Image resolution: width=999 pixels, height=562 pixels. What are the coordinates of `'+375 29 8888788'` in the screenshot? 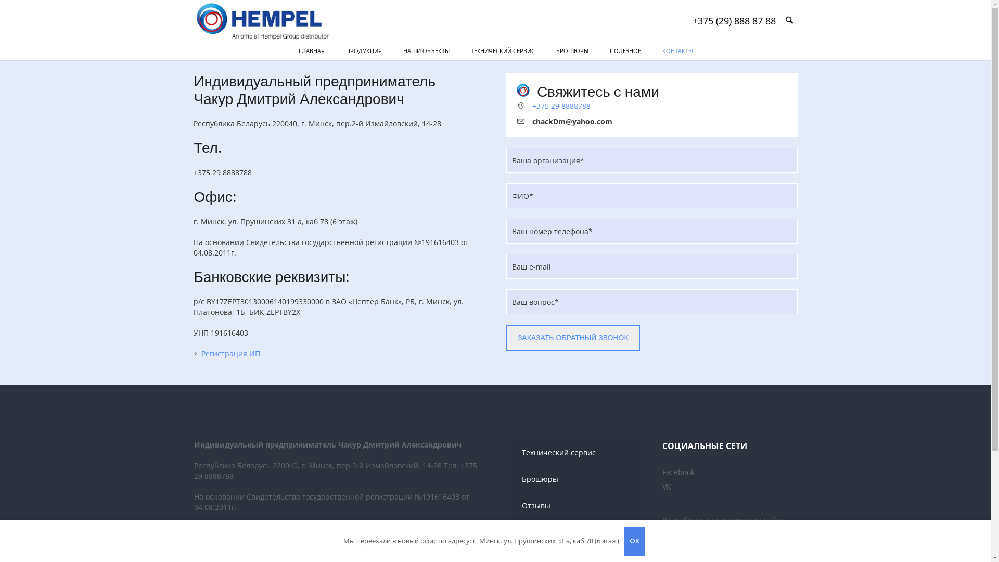 It's located at (561, 106).